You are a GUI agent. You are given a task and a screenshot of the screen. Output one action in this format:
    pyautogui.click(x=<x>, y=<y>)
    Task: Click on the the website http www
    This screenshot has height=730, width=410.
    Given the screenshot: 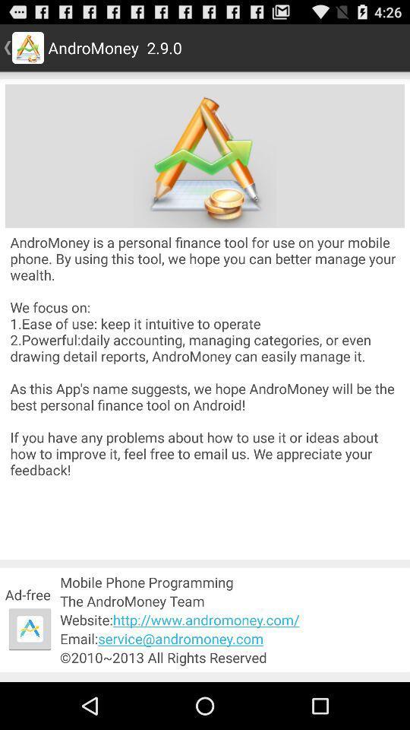 What is the action you would take?
    pyautogui.click(x=232, y=620)
    